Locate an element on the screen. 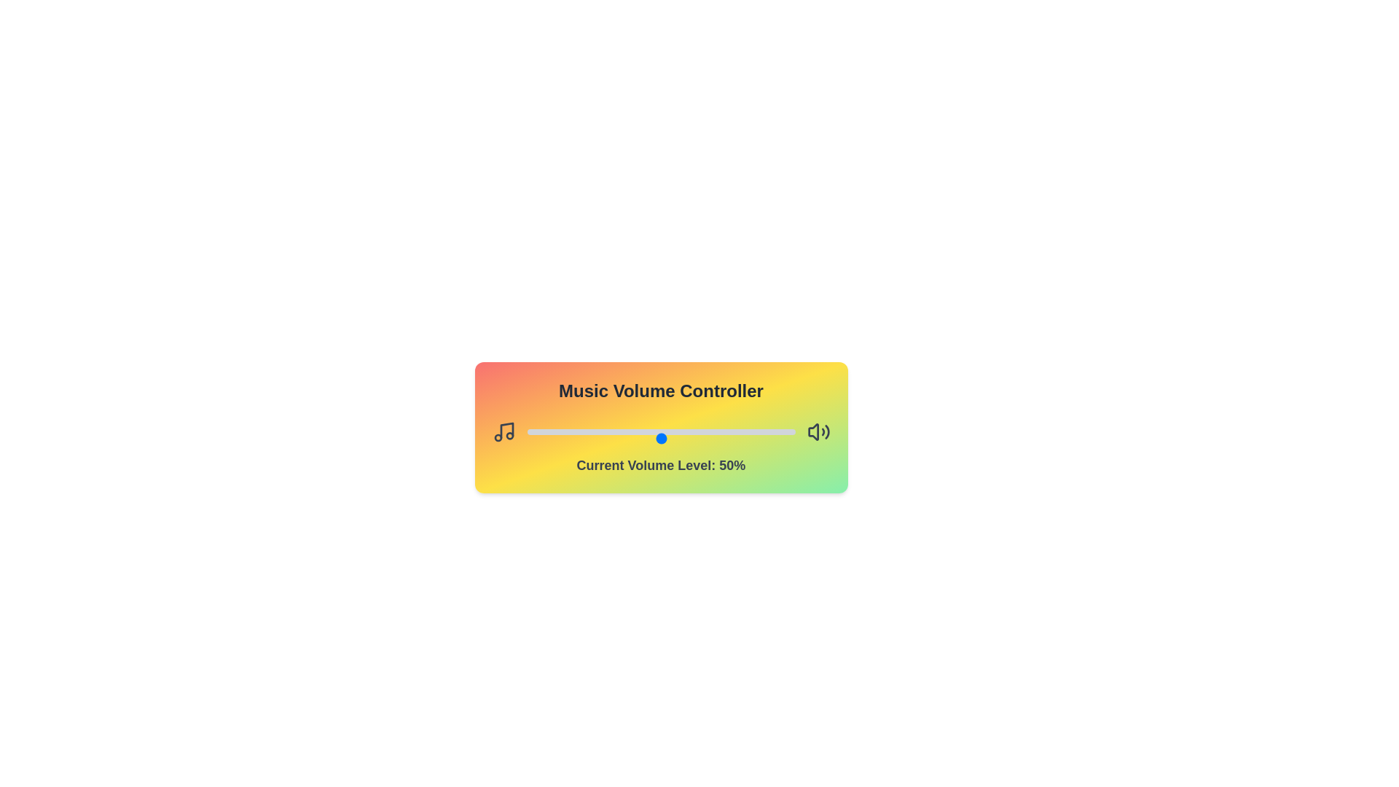  the volume slider to 74% is located at coordinates (725, 437).